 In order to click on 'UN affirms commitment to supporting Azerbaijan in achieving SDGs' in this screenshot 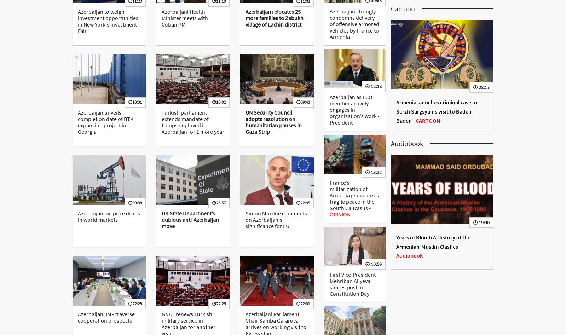, I will do `click(440, 152)`.